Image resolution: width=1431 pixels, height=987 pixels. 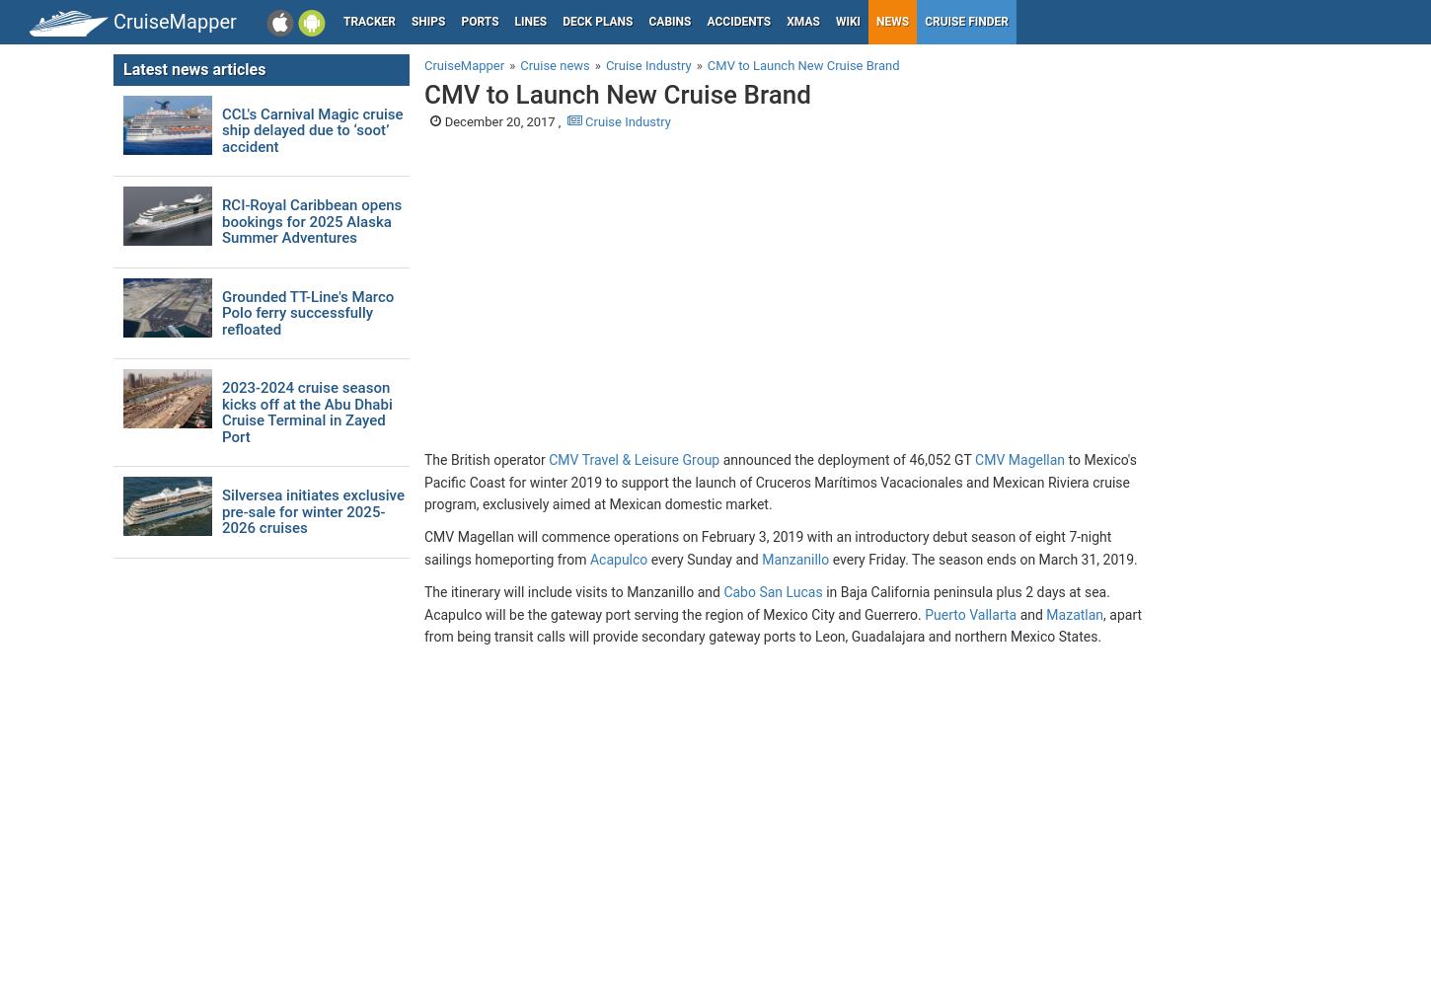 What do you see at coordinates (985, 558) in the screenshot?
I see `'every Friday. The season ends on March 31, 2019.'` at bounding box center [985, 558].